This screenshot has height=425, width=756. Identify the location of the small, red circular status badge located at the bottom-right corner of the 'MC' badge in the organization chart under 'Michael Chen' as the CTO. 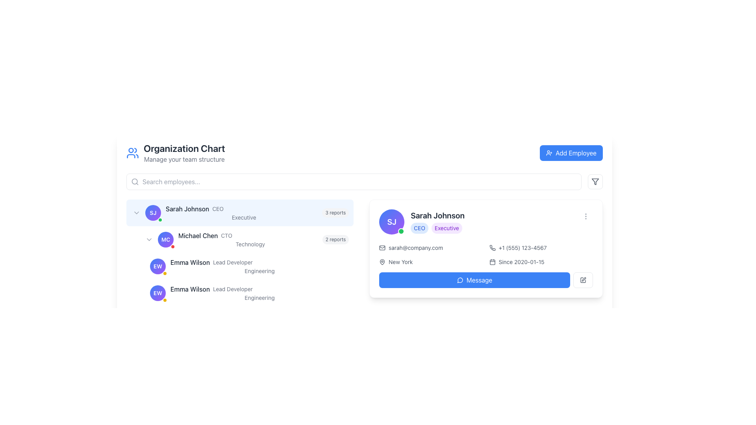
(172, 246).